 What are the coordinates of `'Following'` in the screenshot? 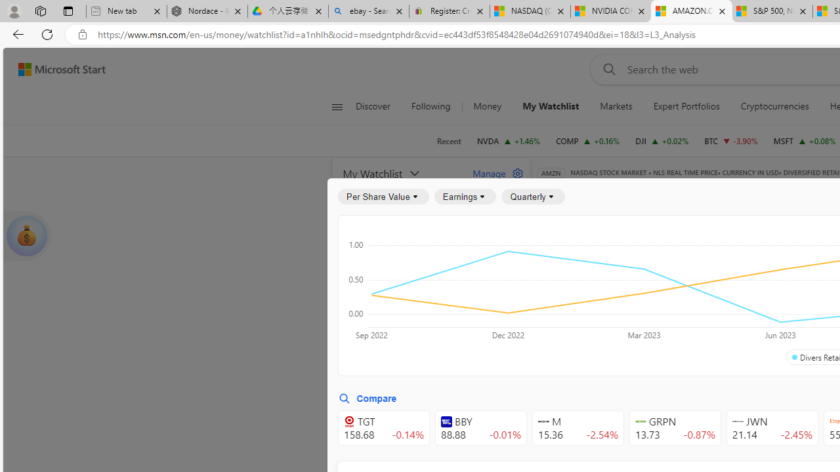 It's located at (432, 106).